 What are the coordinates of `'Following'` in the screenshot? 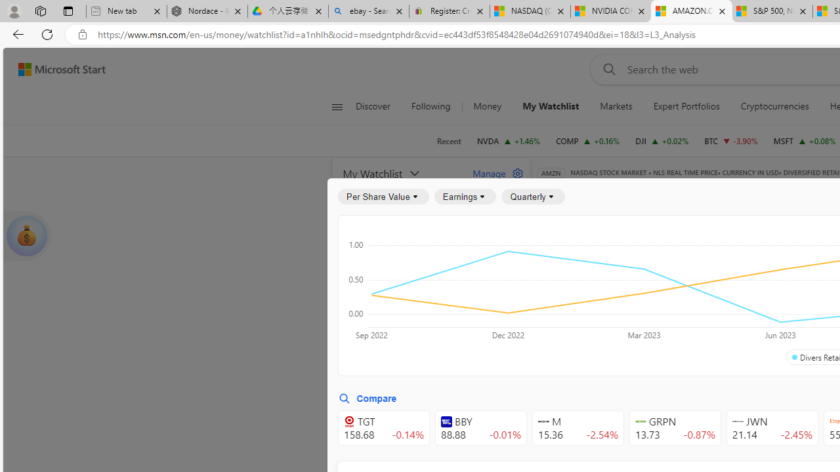 It's located at (432, 106).